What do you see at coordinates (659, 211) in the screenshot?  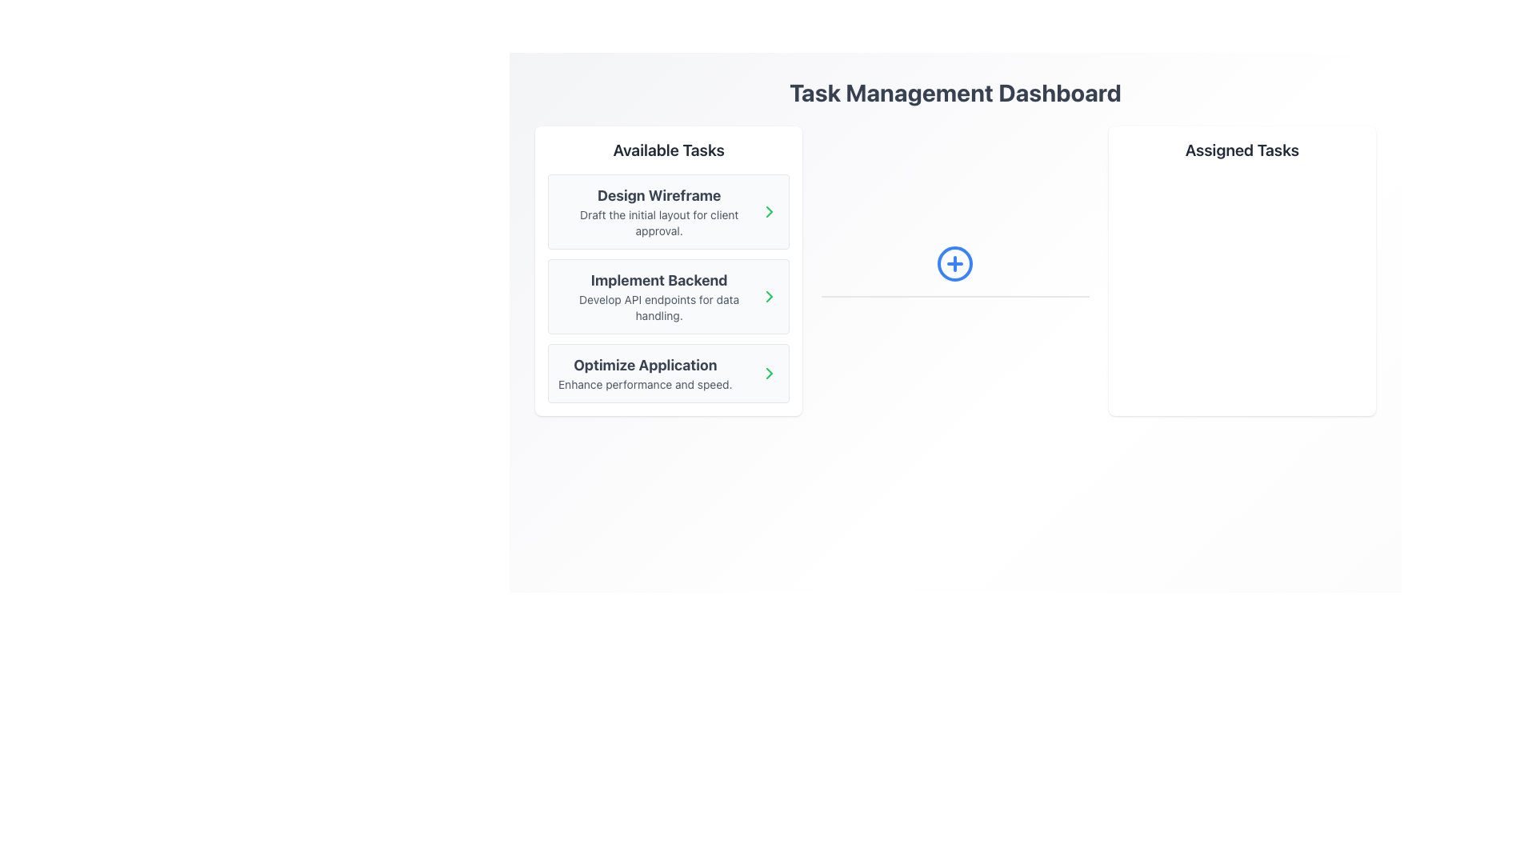 I see `contents of the text block titled 'Design Wireframe' which includes the subtitle 'Draft the initial layout for client approval.'` at bounding box center [659, 211].